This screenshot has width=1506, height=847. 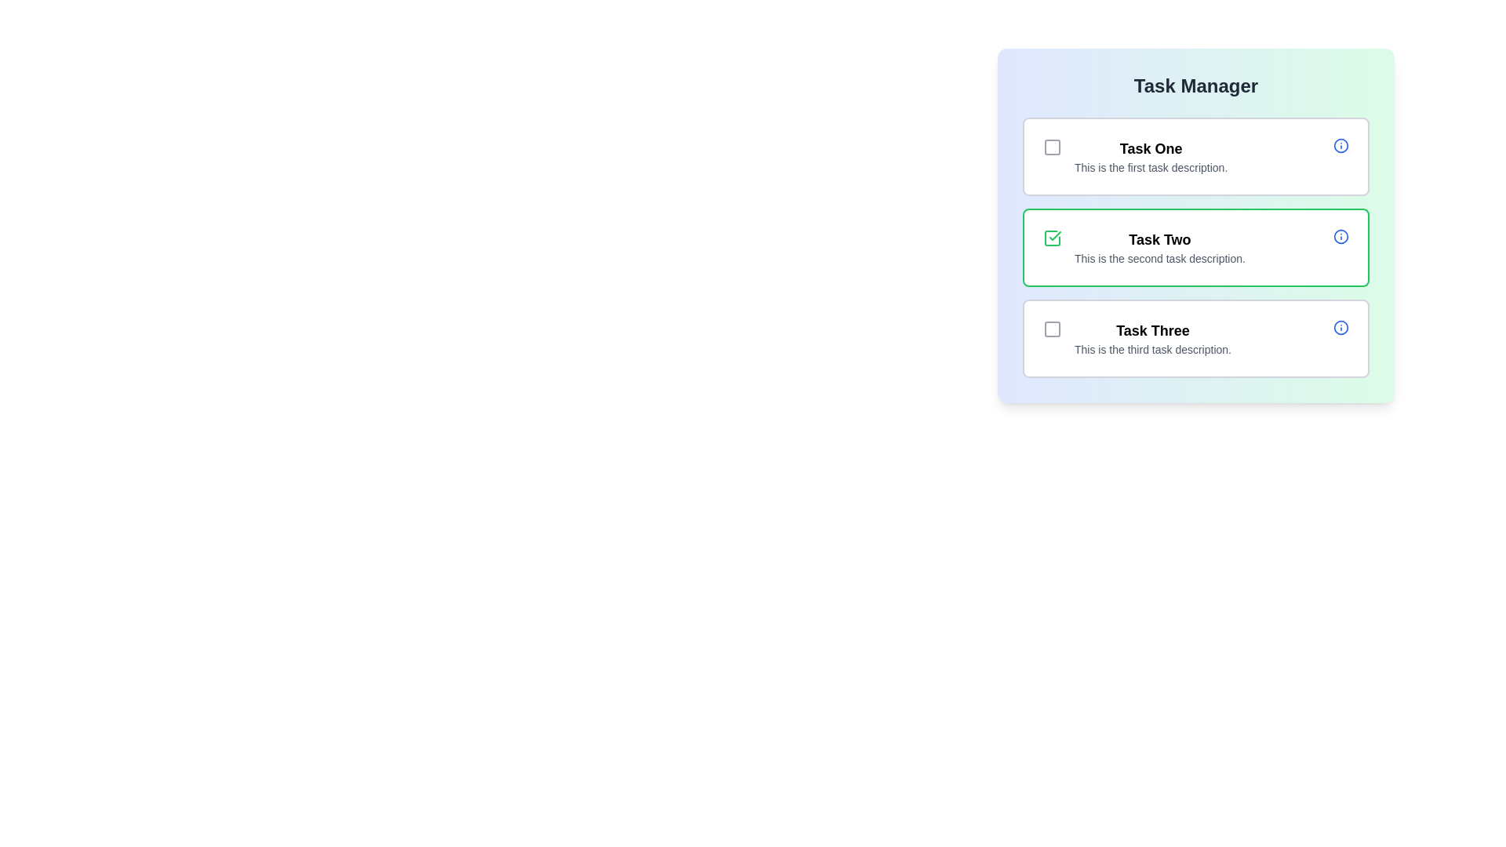 I want to click on the central circular shape of the information icon located to the right of the 'Task Two' entry in the task manager interface, so click(x=1340, y=236).